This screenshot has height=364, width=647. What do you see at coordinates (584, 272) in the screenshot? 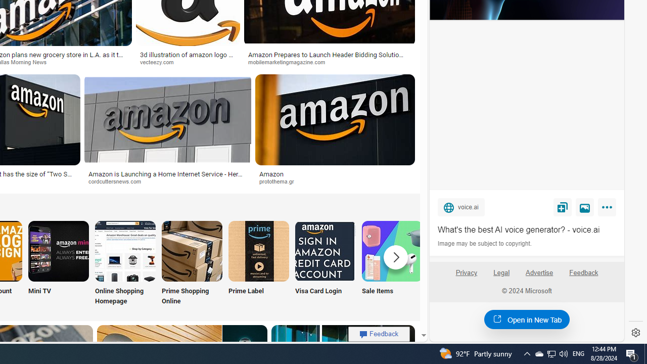
I see `'Feedback'` at bounding box center [584, 272].